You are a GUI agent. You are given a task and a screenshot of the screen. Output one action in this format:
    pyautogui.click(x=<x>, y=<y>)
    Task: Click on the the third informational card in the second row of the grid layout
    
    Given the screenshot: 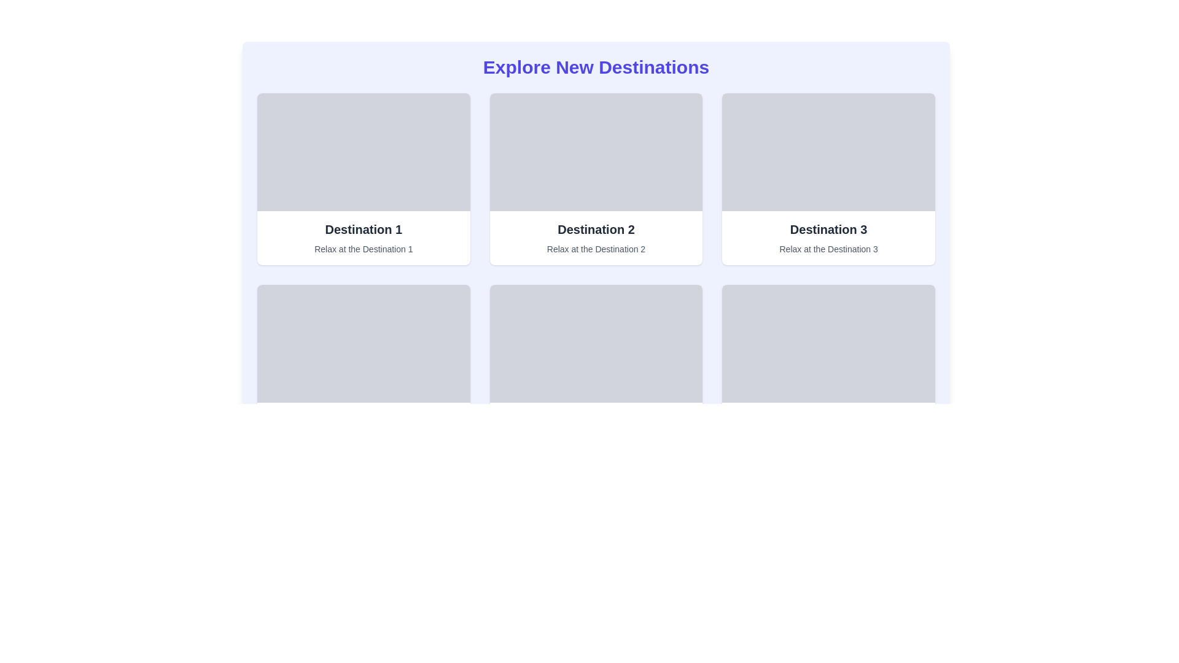 What is the action you would take?
    pyautogui.click(x=828, y=370)
    